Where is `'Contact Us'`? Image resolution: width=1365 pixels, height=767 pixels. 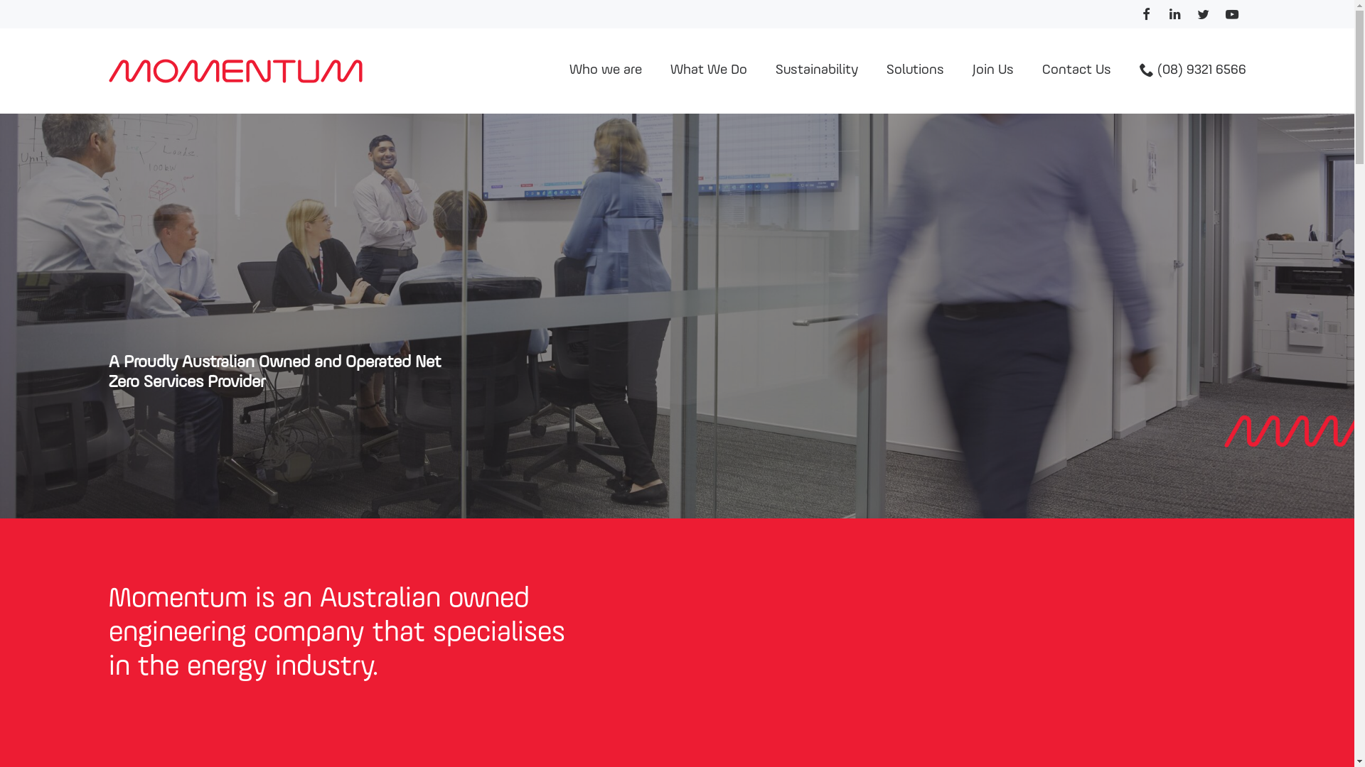 'Contact Us' is located at coordinates (1076, 71).